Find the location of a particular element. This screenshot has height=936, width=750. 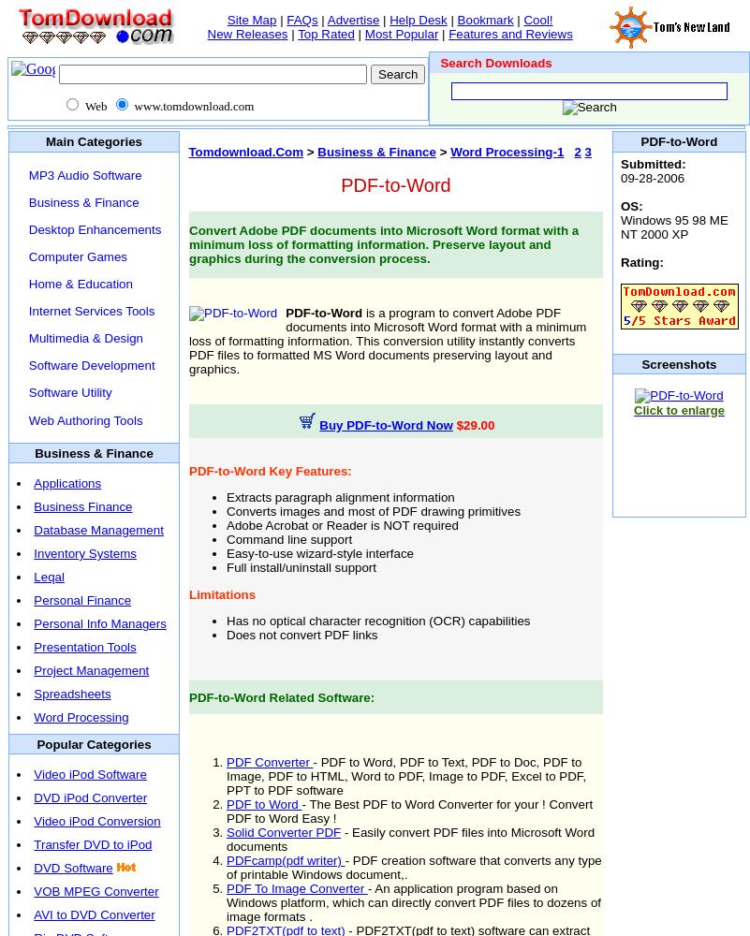

'Word Processing' is located at coordinates (33, 717).